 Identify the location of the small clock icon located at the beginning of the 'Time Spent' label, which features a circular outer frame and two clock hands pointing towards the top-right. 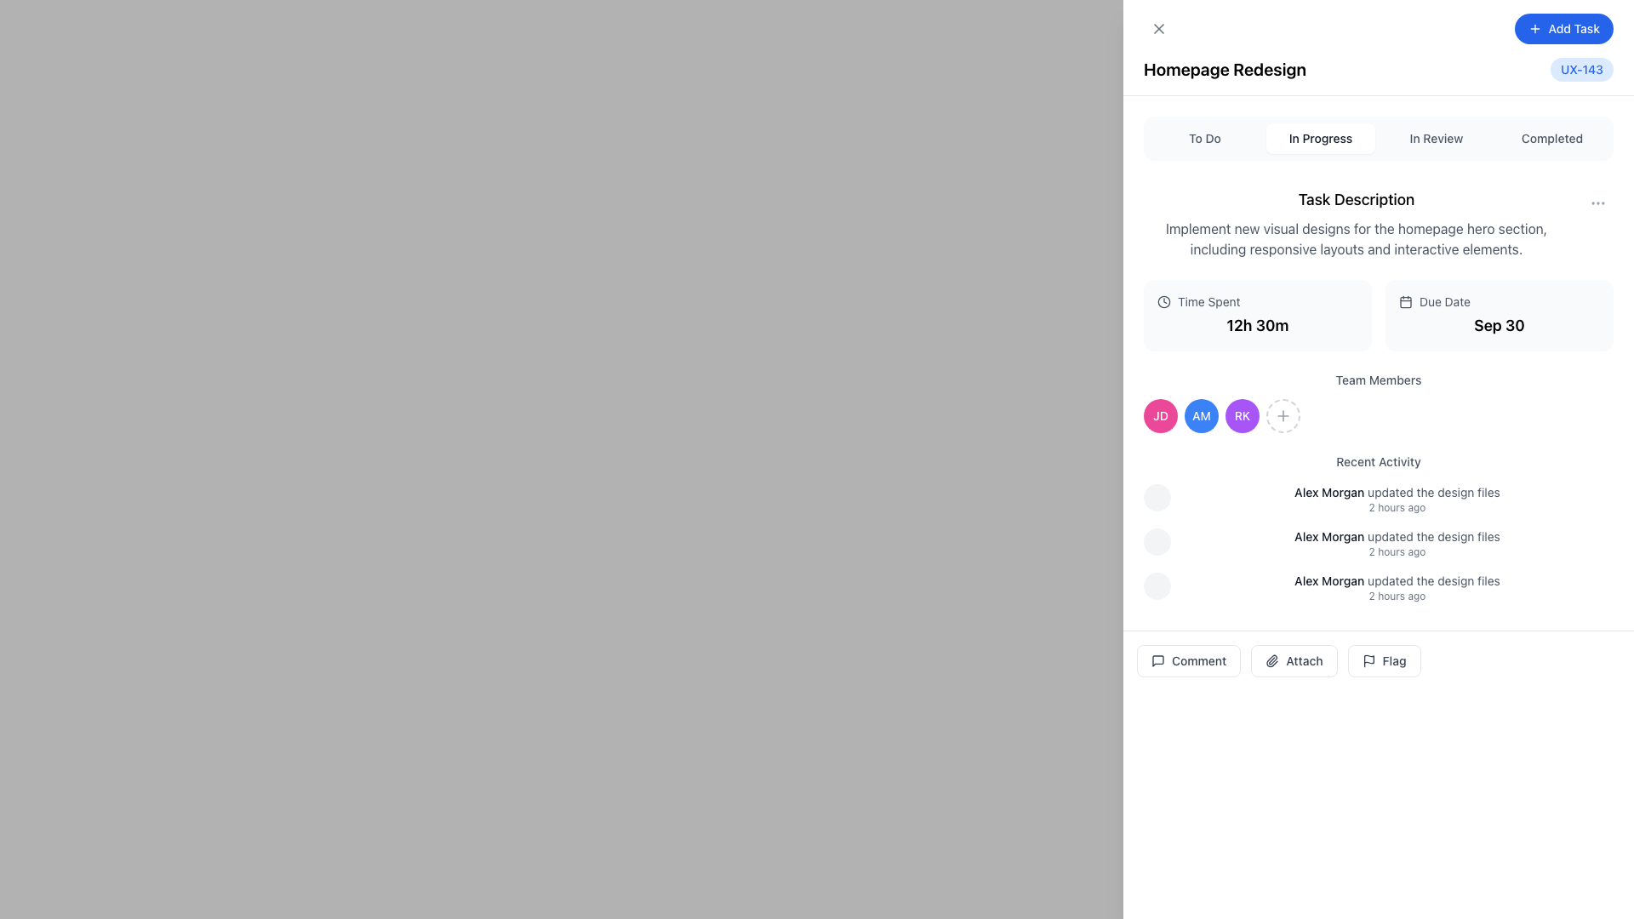
(1163, 300).